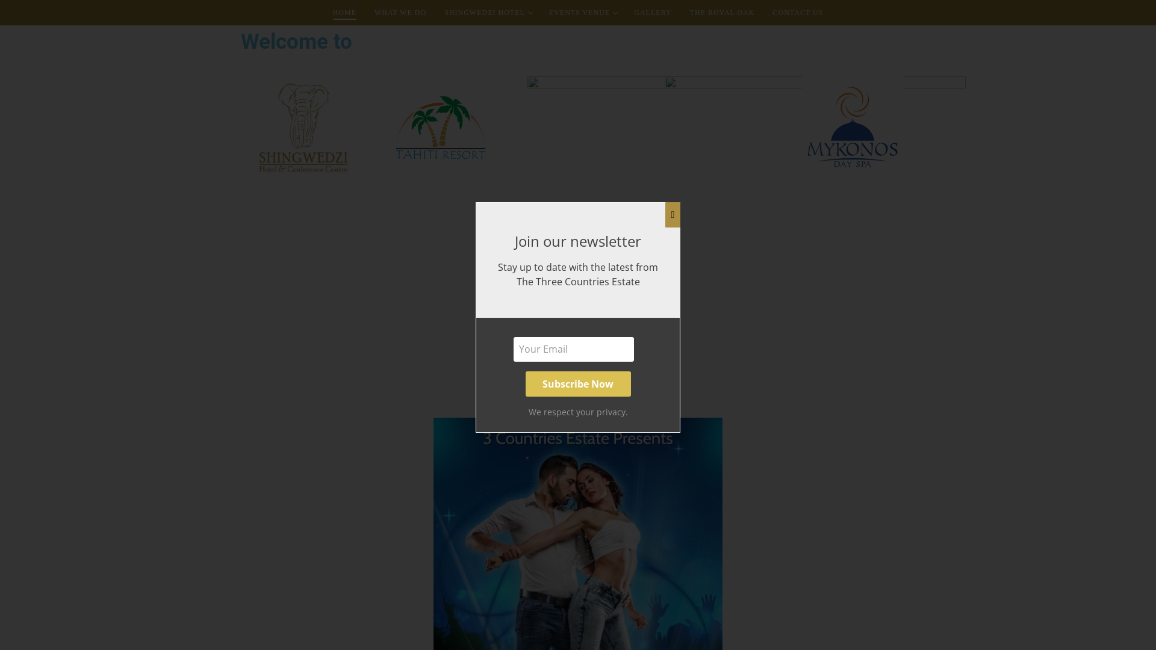 The width and height of the screenshot is (1156, 650). What do you see at coordinates (540, 12) in the screenshot?
I see `'EVENTS VENUE` at bounding box center [540, 12].